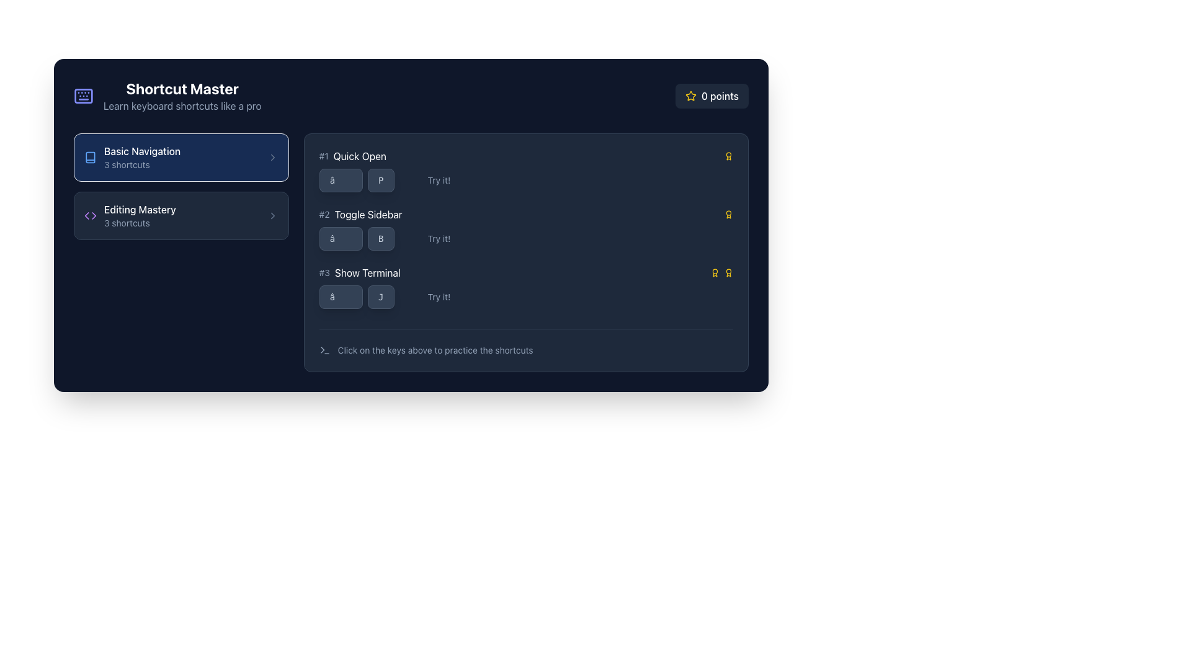 Image resolution: width=1191 pixels, height=670 pixels. What do you see at coordinates (439, 180) in the screenshot?
I see `the instructional Text Label that is located to the right of the 'Quick Open' option, which prompts users to try out a feature` at bounding box center [439, 180].